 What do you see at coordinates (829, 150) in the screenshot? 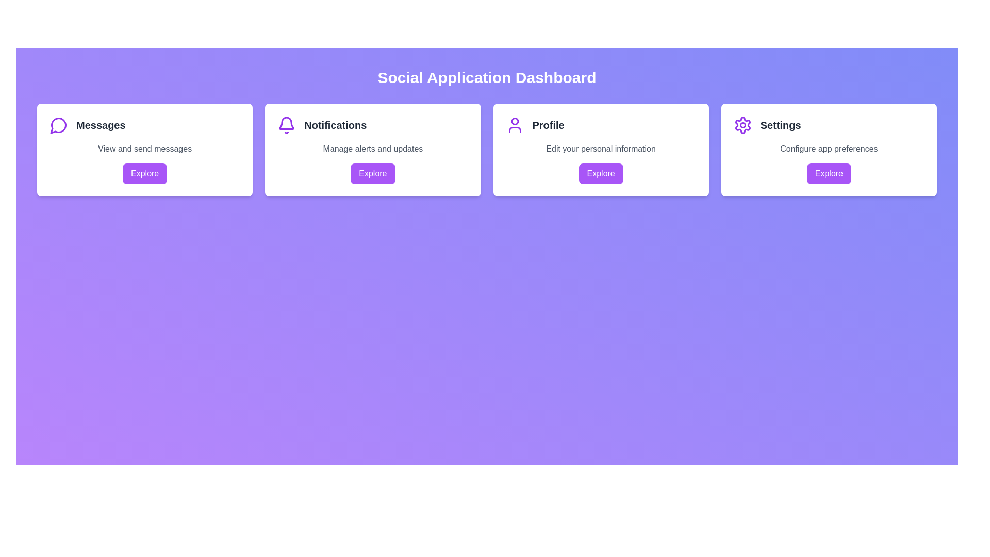
I see `the fourth card in the grid layout, which features a purple gear icon, bold black text 'Settings', and a purple button labeled 'Explore' to initiate the hover effect` at bounding box center [829, 150].